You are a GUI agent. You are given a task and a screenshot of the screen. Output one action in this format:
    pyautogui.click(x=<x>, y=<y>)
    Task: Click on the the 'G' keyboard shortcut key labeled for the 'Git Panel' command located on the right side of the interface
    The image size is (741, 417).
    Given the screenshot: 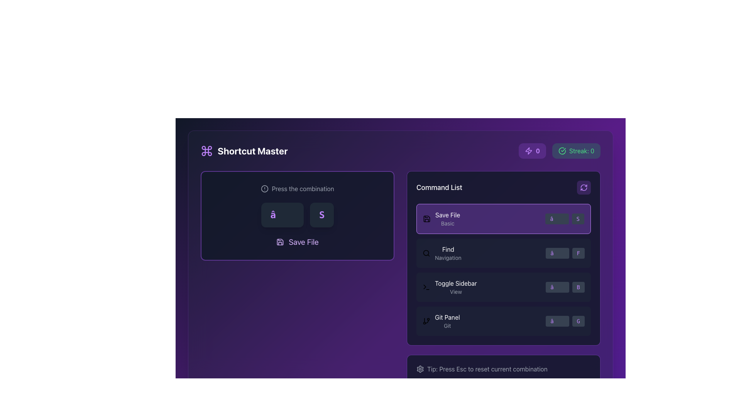 What is the action you would take?
    pyautogui.click(x=578, y=321)
    